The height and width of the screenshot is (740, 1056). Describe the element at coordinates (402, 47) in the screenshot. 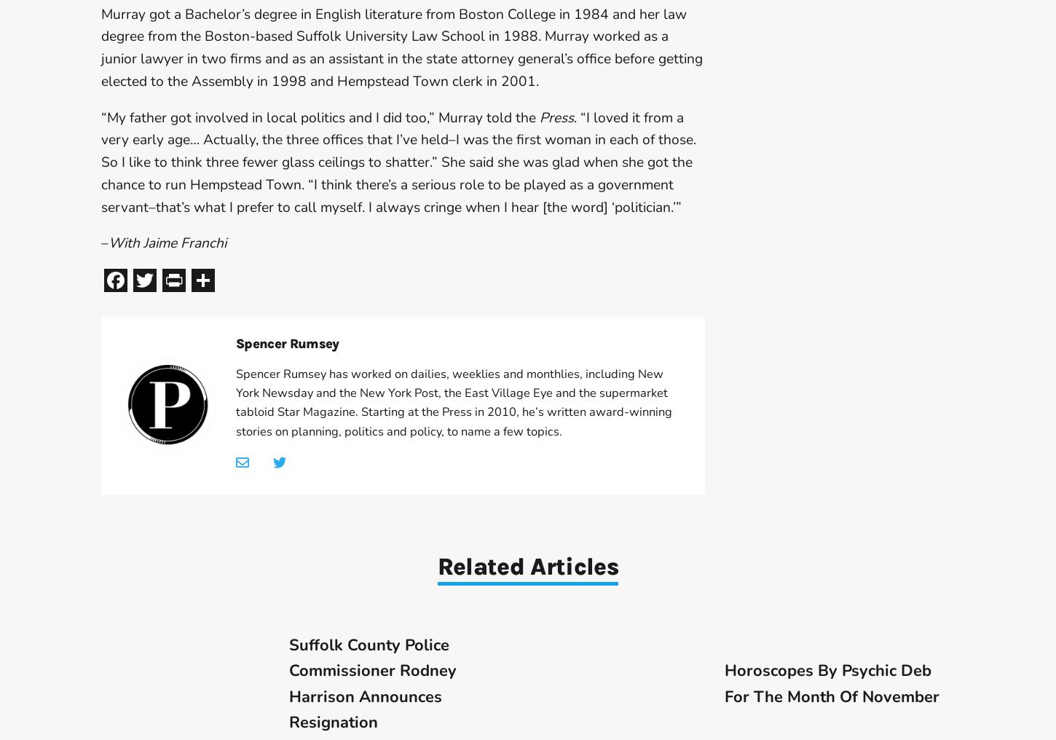

I see `'Murray got a Bachelor’s degree in English literature from Boston College in 1984 and her law degree from the Boston-based Suffolk University Law School in 1988. Murray worked as a junior lawyer in two firms and as an assistant in the state attorney general’s office before getting elected to the Assembly in 1998 and Hempstead Town clerk in 2001.'` at that location.